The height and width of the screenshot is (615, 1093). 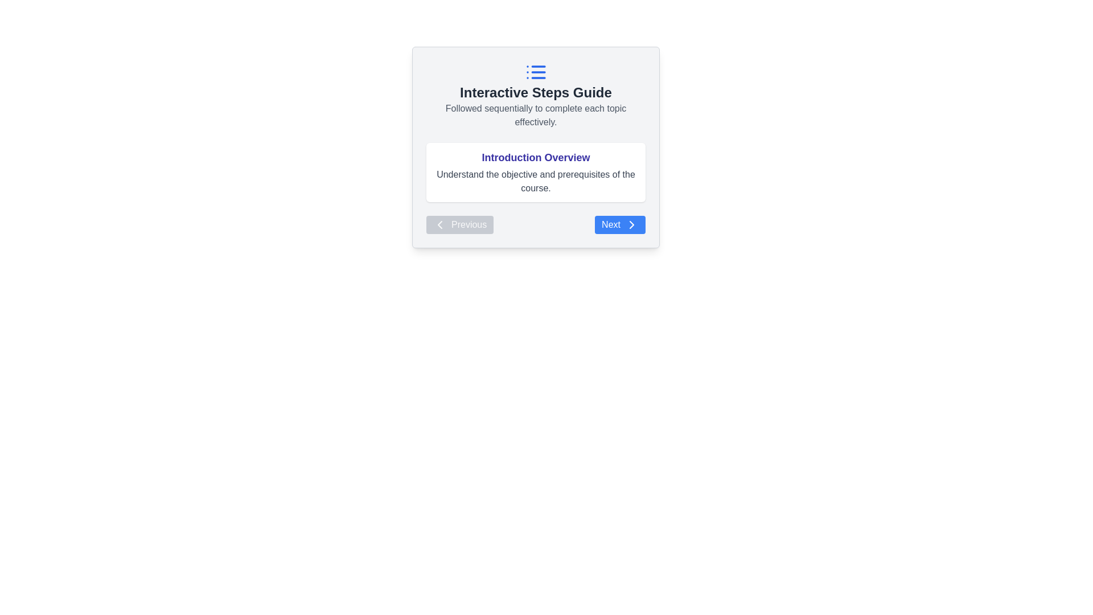 What do you see at coordinates (631, 224) in the screenshot?
I see `the small right-facing chevron icon located inside the 'Next' button at the bottom-right corner of the card-like interface` at bounding box center [631, 224].